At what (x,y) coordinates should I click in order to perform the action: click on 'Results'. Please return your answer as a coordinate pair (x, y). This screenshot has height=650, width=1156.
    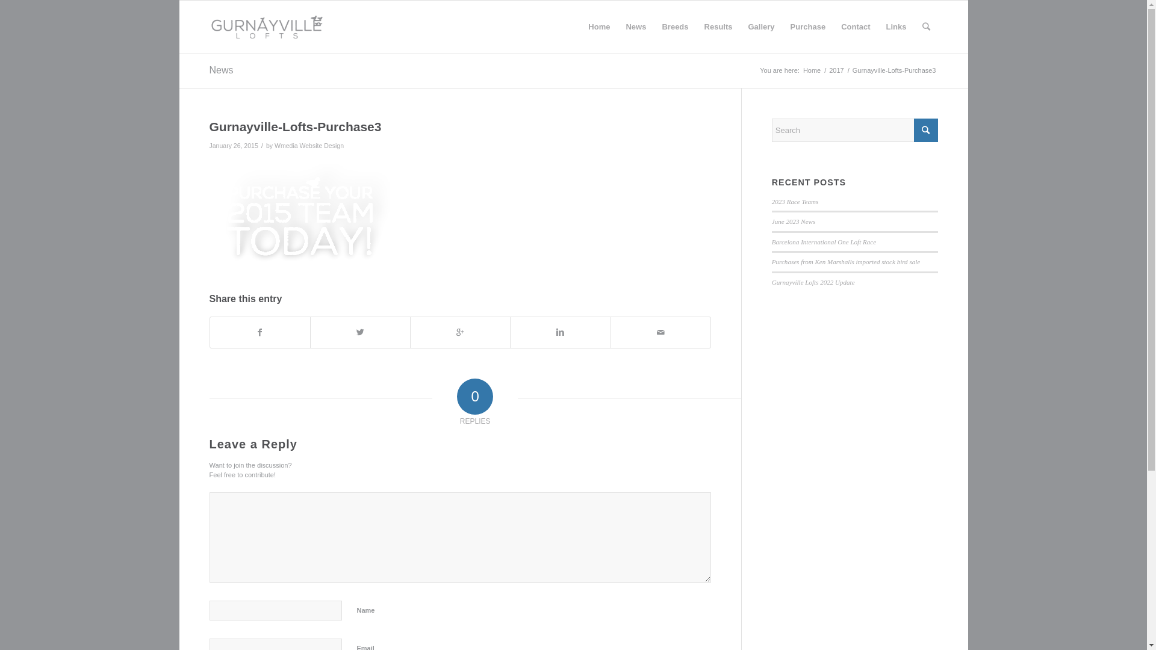
    Looking at the image, I should click on (696, 27).